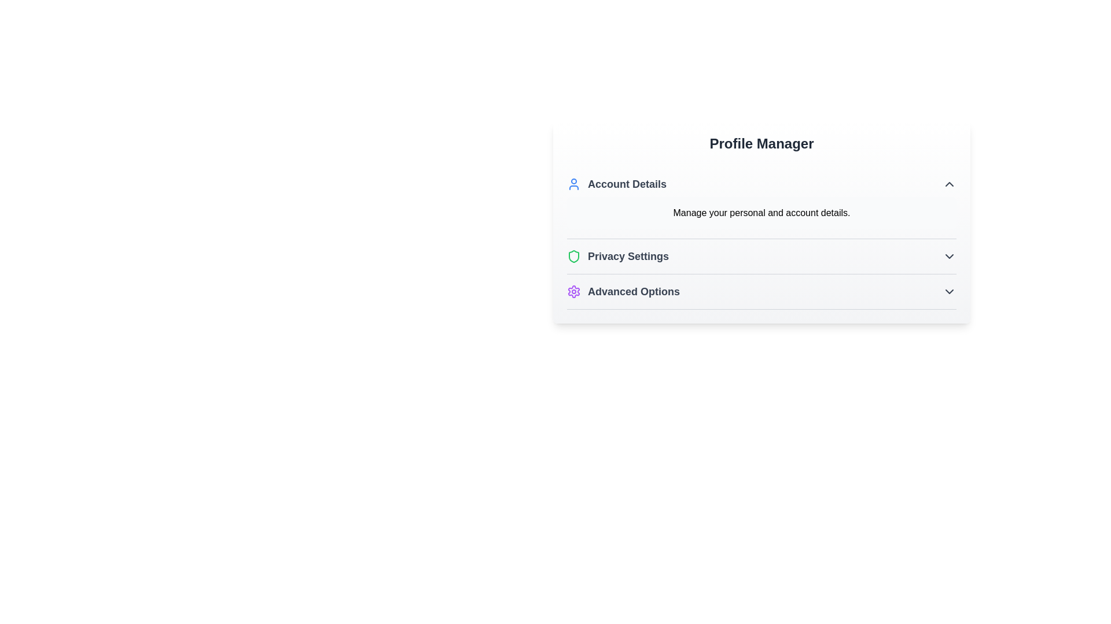 Image resolution: width=1111 pixels, height=624 pixels. Describe the element at coordinates (627, 184) in the screenshot. I see `the 'Account Details' text label, which is bold and dark blue/black, located in the 'Profile Manager' section next to a user icon` at that location.